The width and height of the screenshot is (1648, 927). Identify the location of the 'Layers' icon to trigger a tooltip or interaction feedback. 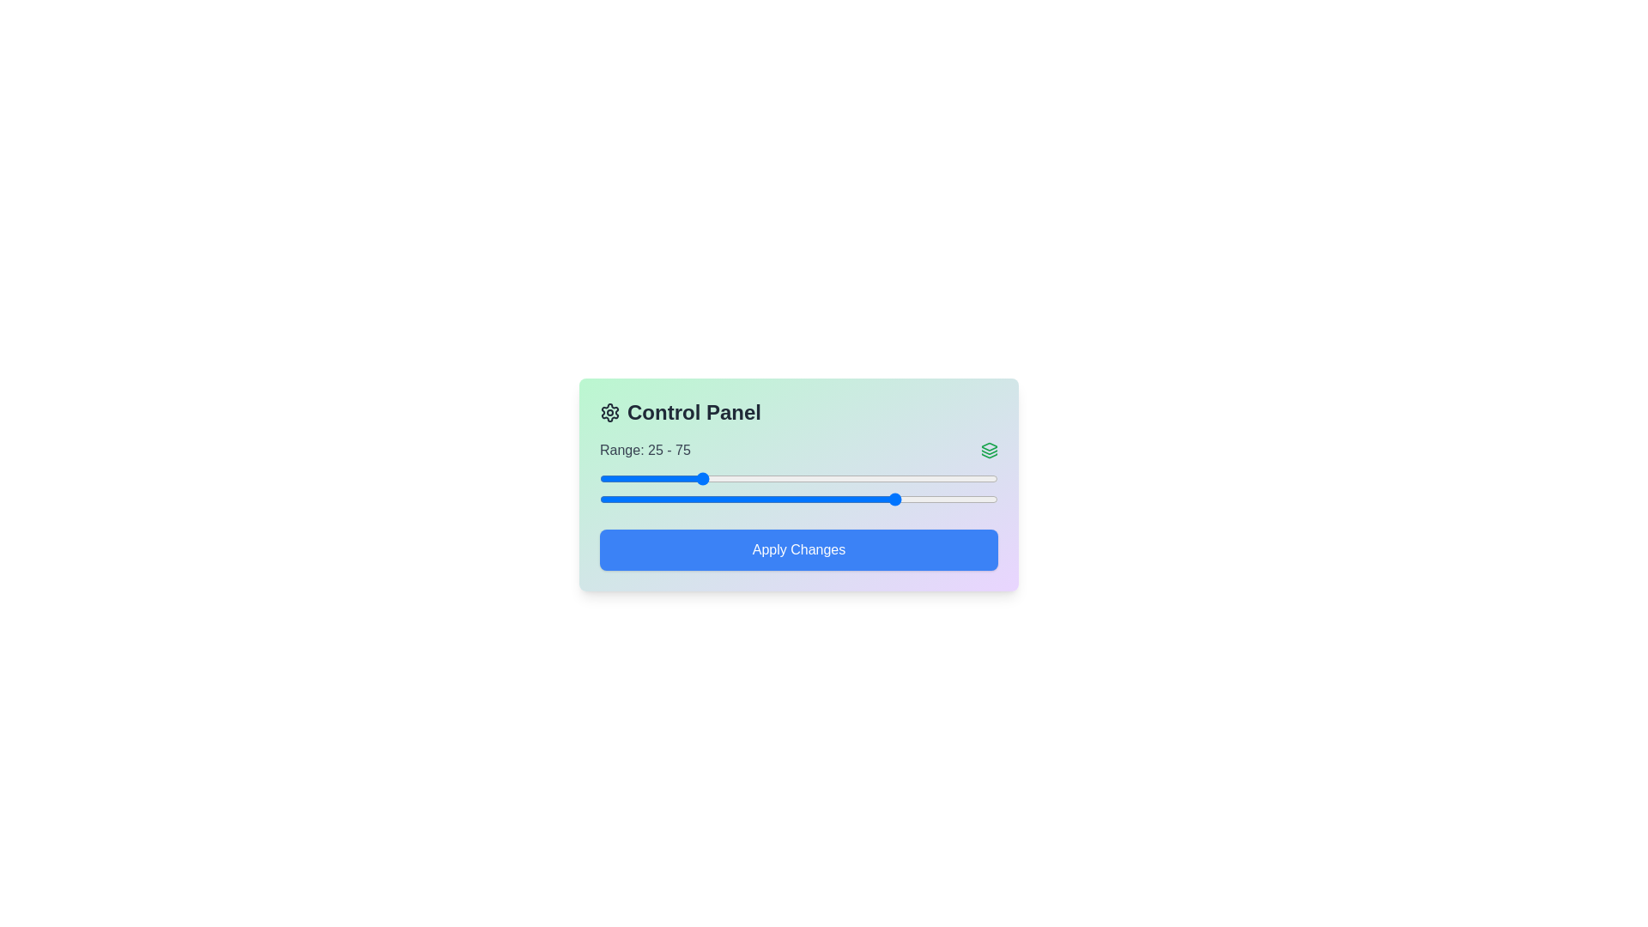
(989, 449).